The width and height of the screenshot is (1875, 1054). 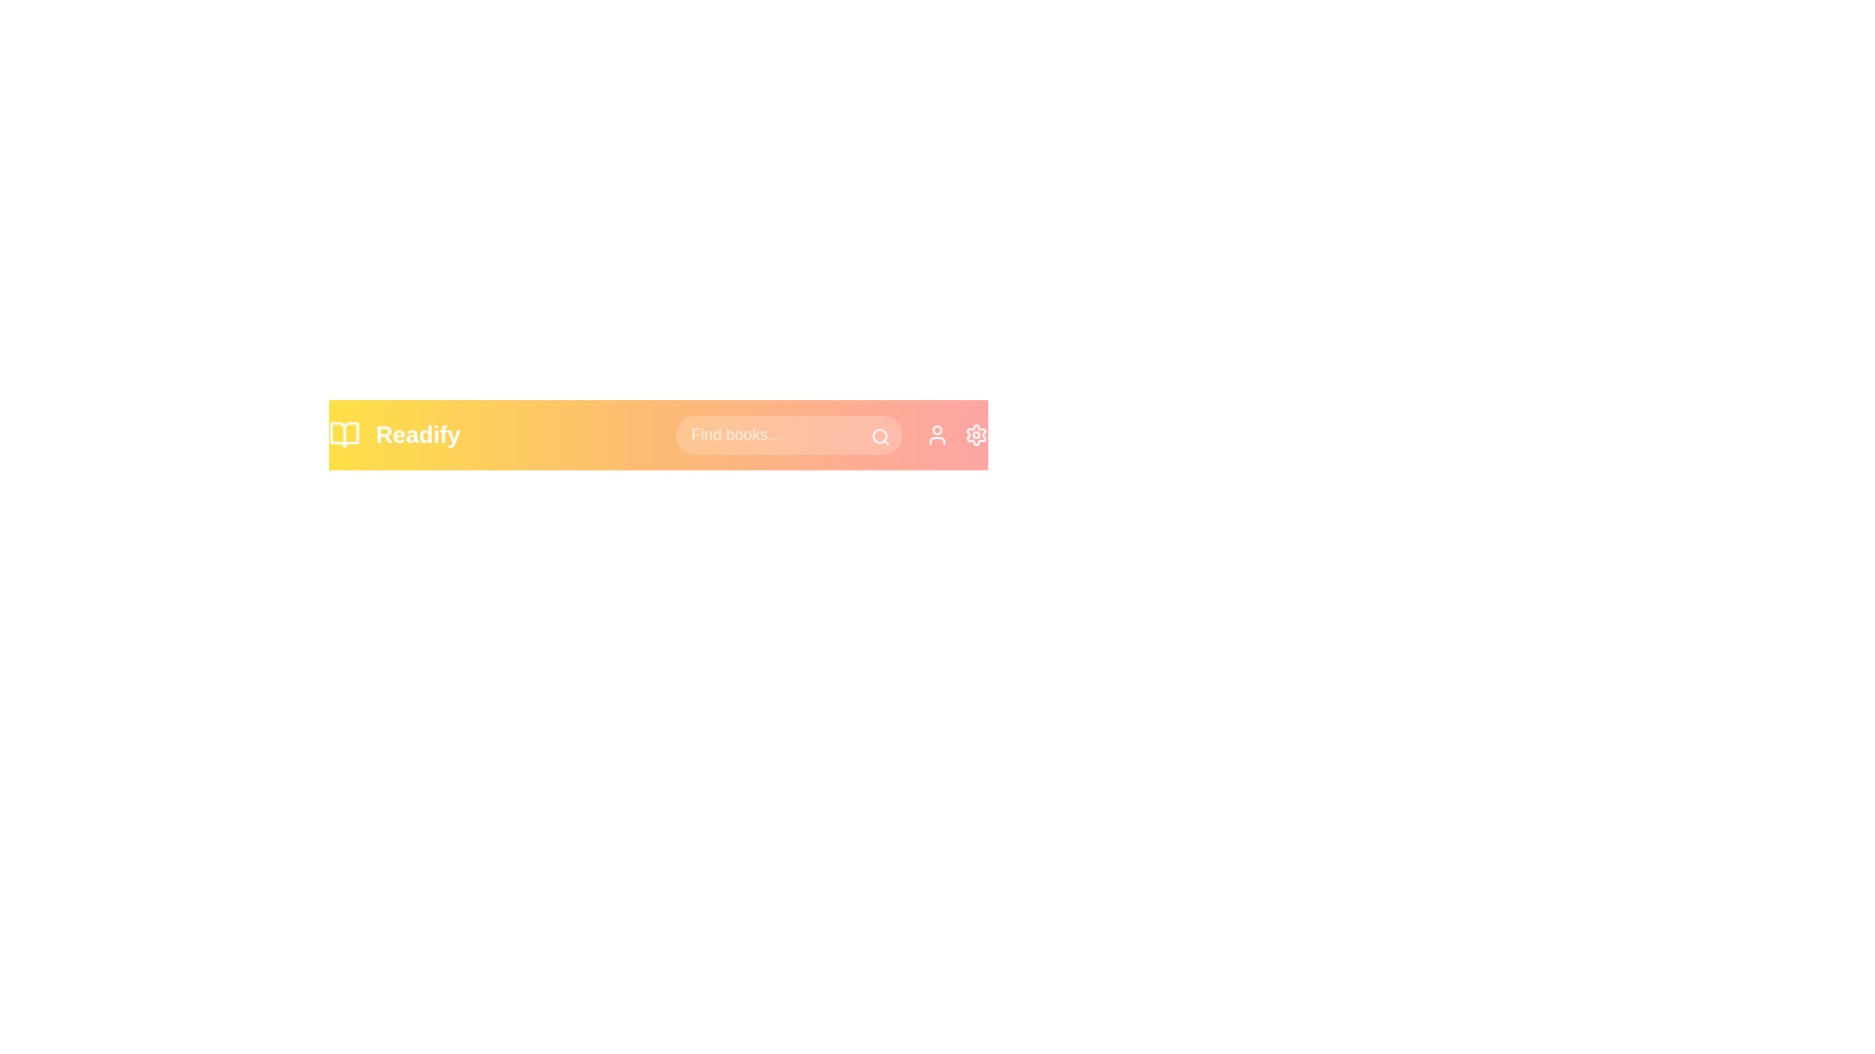 I want to click on the user icon to access the user profile or login, so click(x=937, y=434).